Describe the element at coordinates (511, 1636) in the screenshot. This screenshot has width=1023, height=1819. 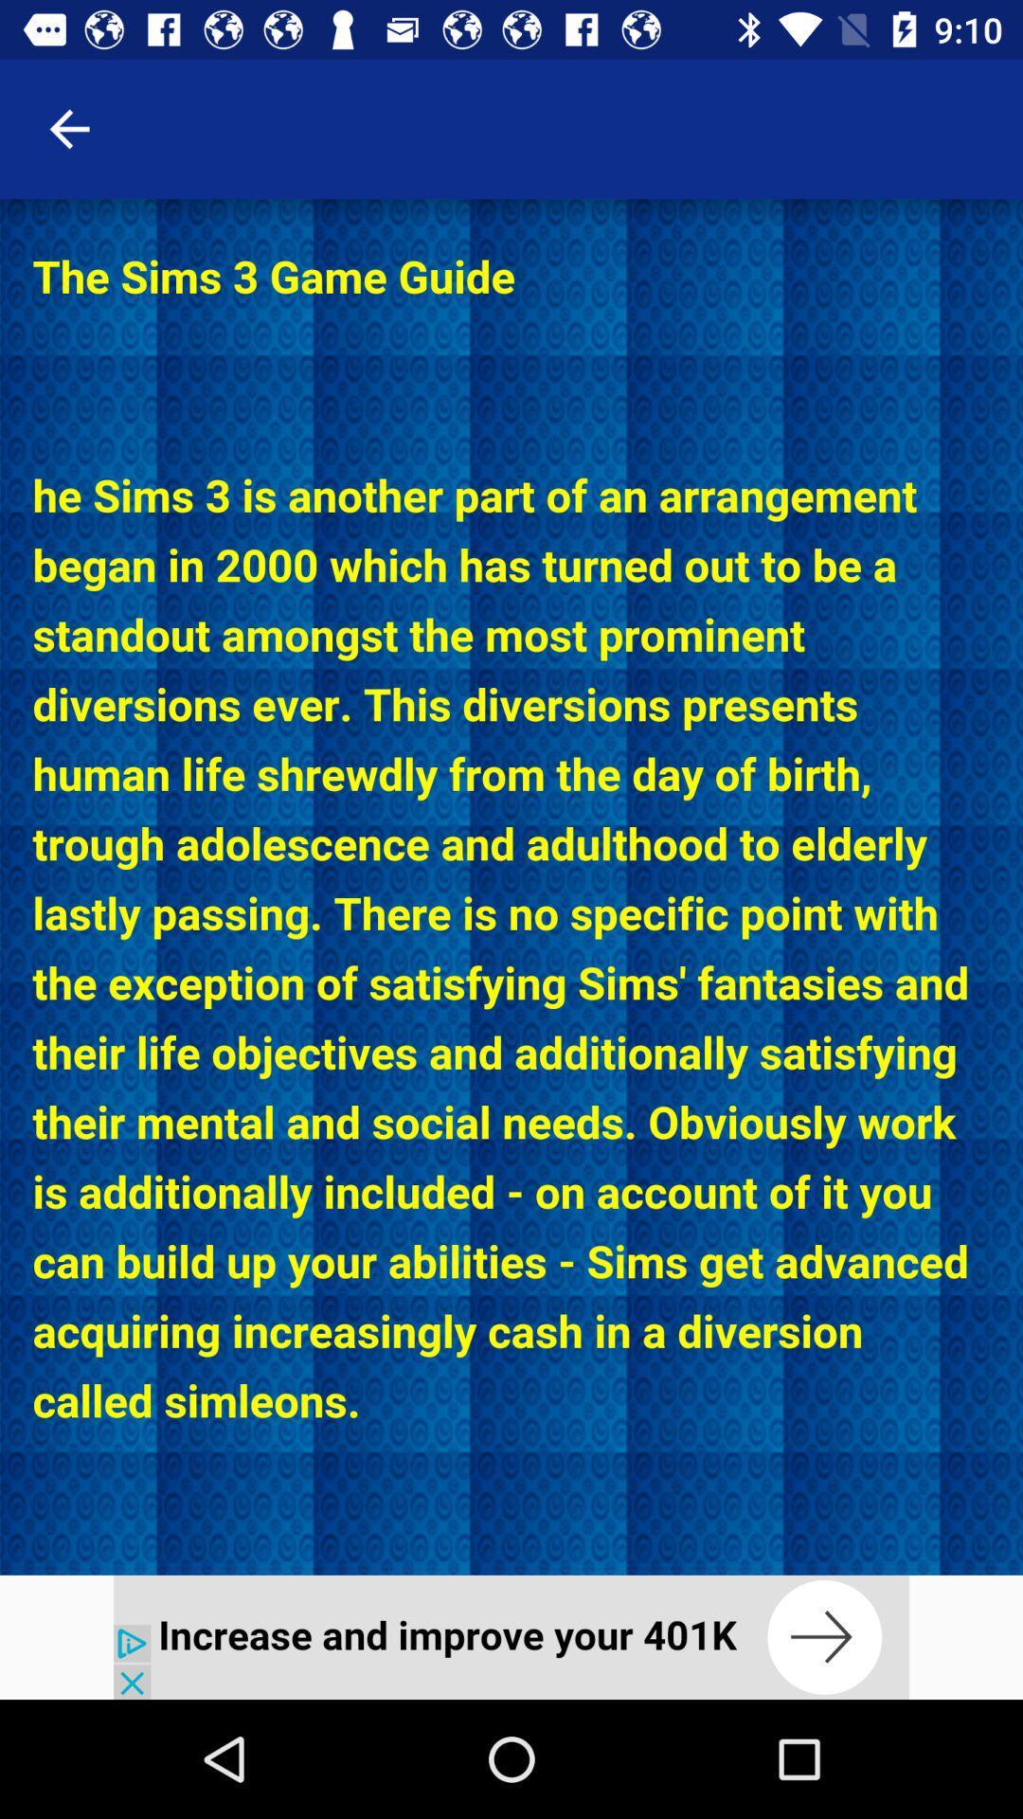
I see `advertisement` at that location.